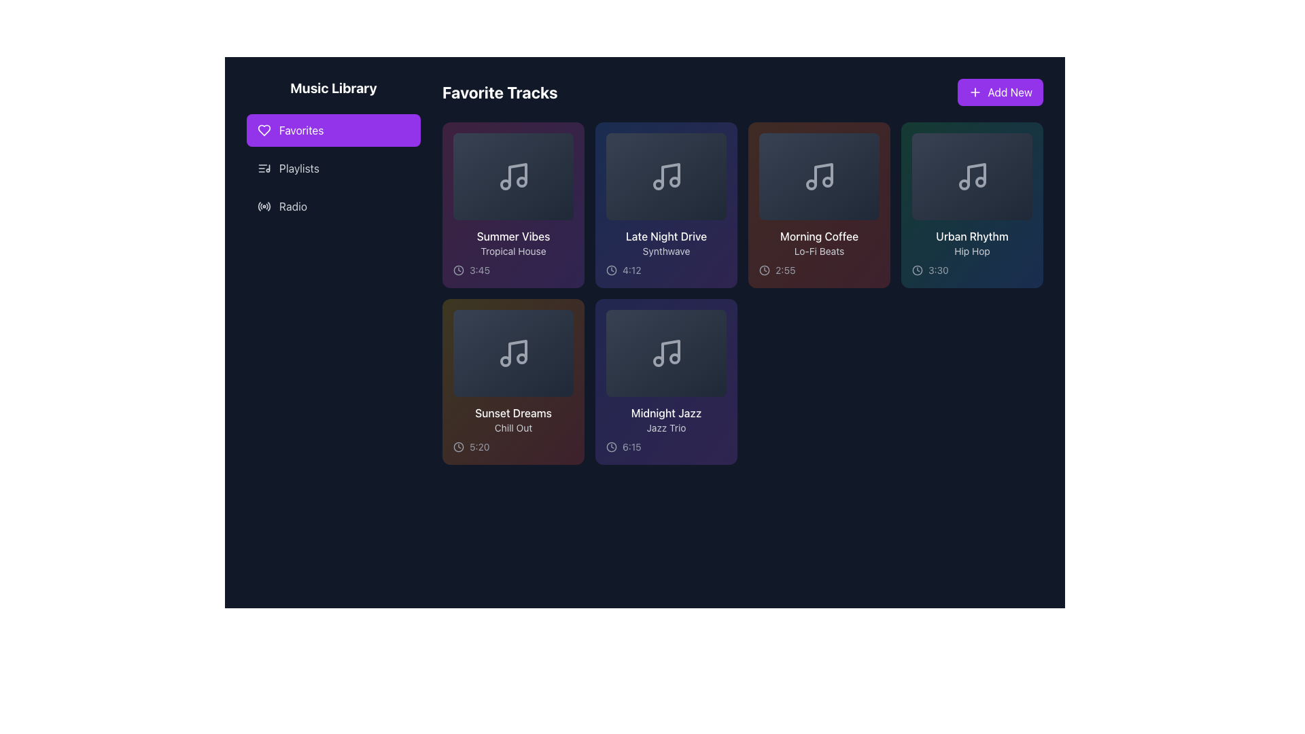  Describe the element at coordinates (479, 447) in the screenshot. I see `the static informational text indicating the duration of the music track for the 'Sunset Dreams' card, located adjacent to a clock icon in the bottom-left section of the main area` at that location.